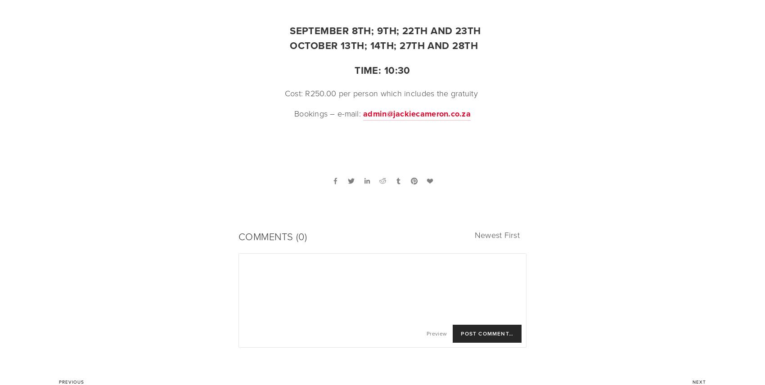 The image size is (765, 385). What do you see at coordinates (385, 30) in the screenshot?
I see `'September 8th; 9th; 22th and 23th'` at bounding box center [385, 30].